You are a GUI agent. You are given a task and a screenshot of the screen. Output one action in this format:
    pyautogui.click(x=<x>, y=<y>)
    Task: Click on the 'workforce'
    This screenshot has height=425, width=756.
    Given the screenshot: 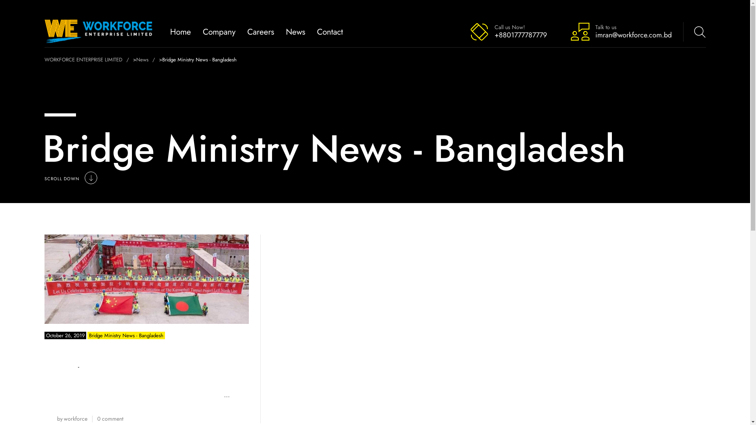 What is the action you would take?
    pyautogui.click(x=76, y=418)
    